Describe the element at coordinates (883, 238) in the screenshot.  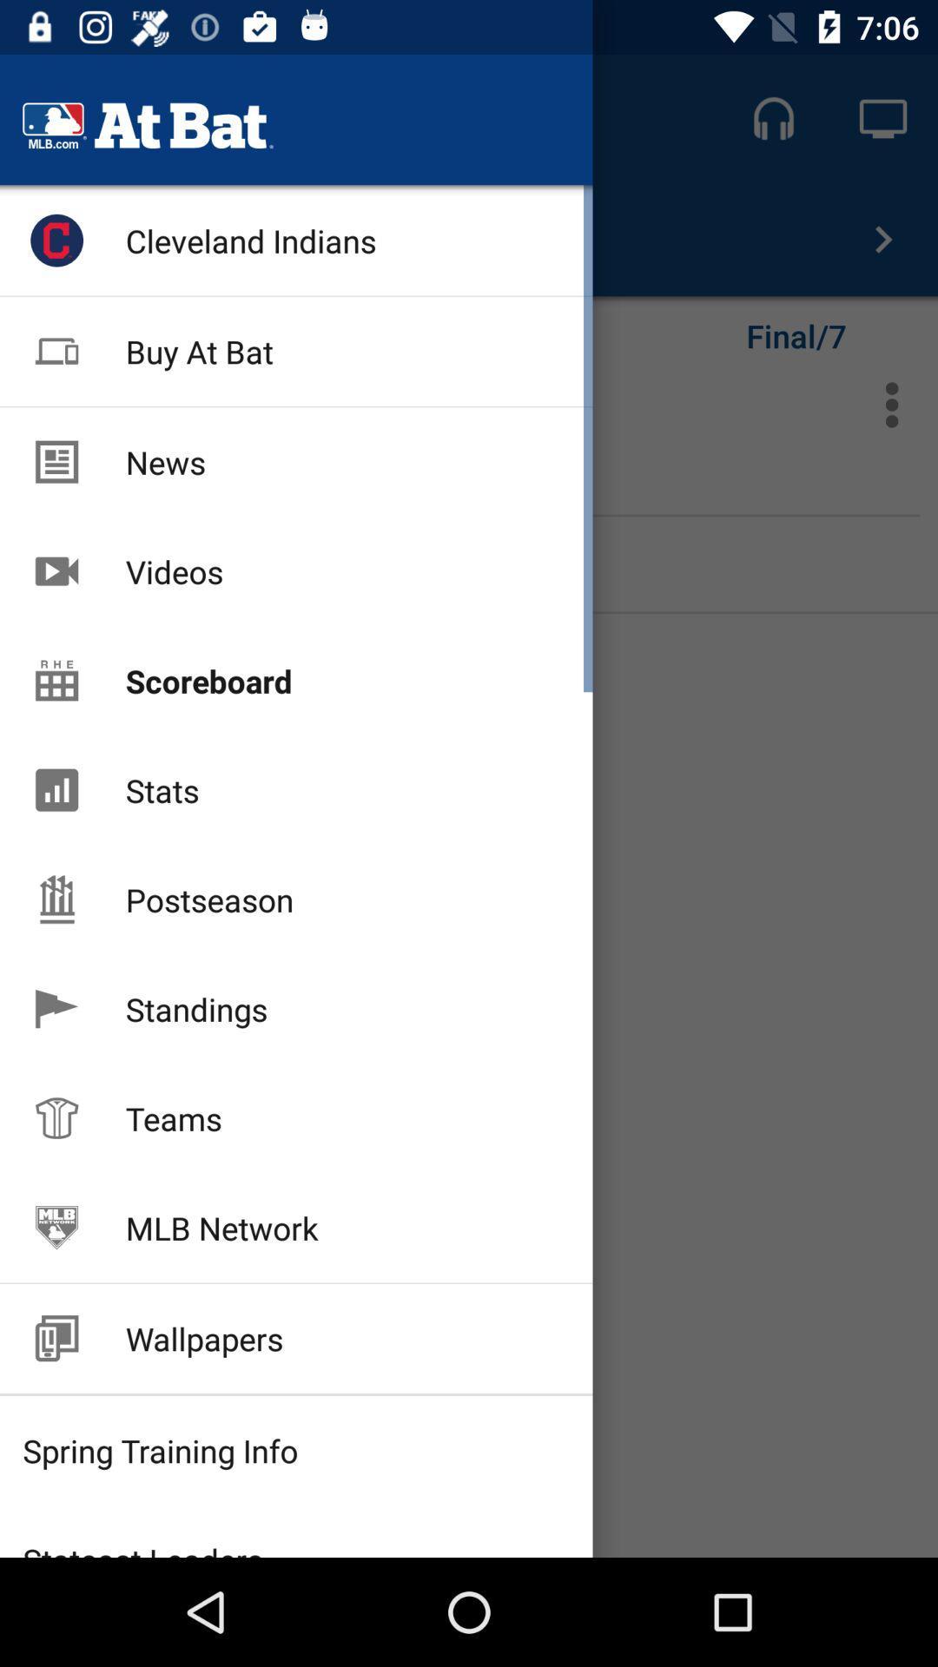
I see `the arrow_forward icon` at that location.